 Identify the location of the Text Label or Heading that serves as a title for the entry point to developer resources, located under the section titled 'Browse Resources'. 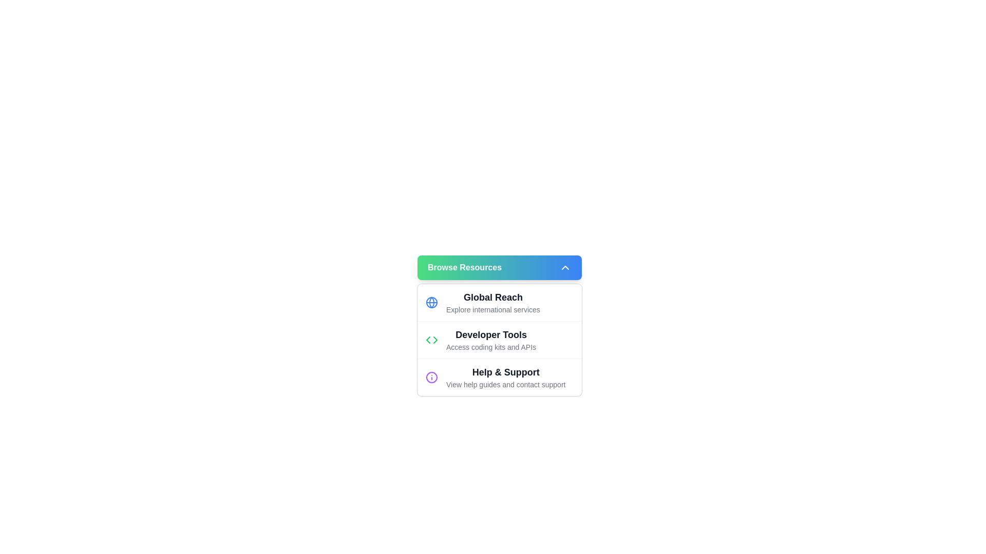
(490, 334).